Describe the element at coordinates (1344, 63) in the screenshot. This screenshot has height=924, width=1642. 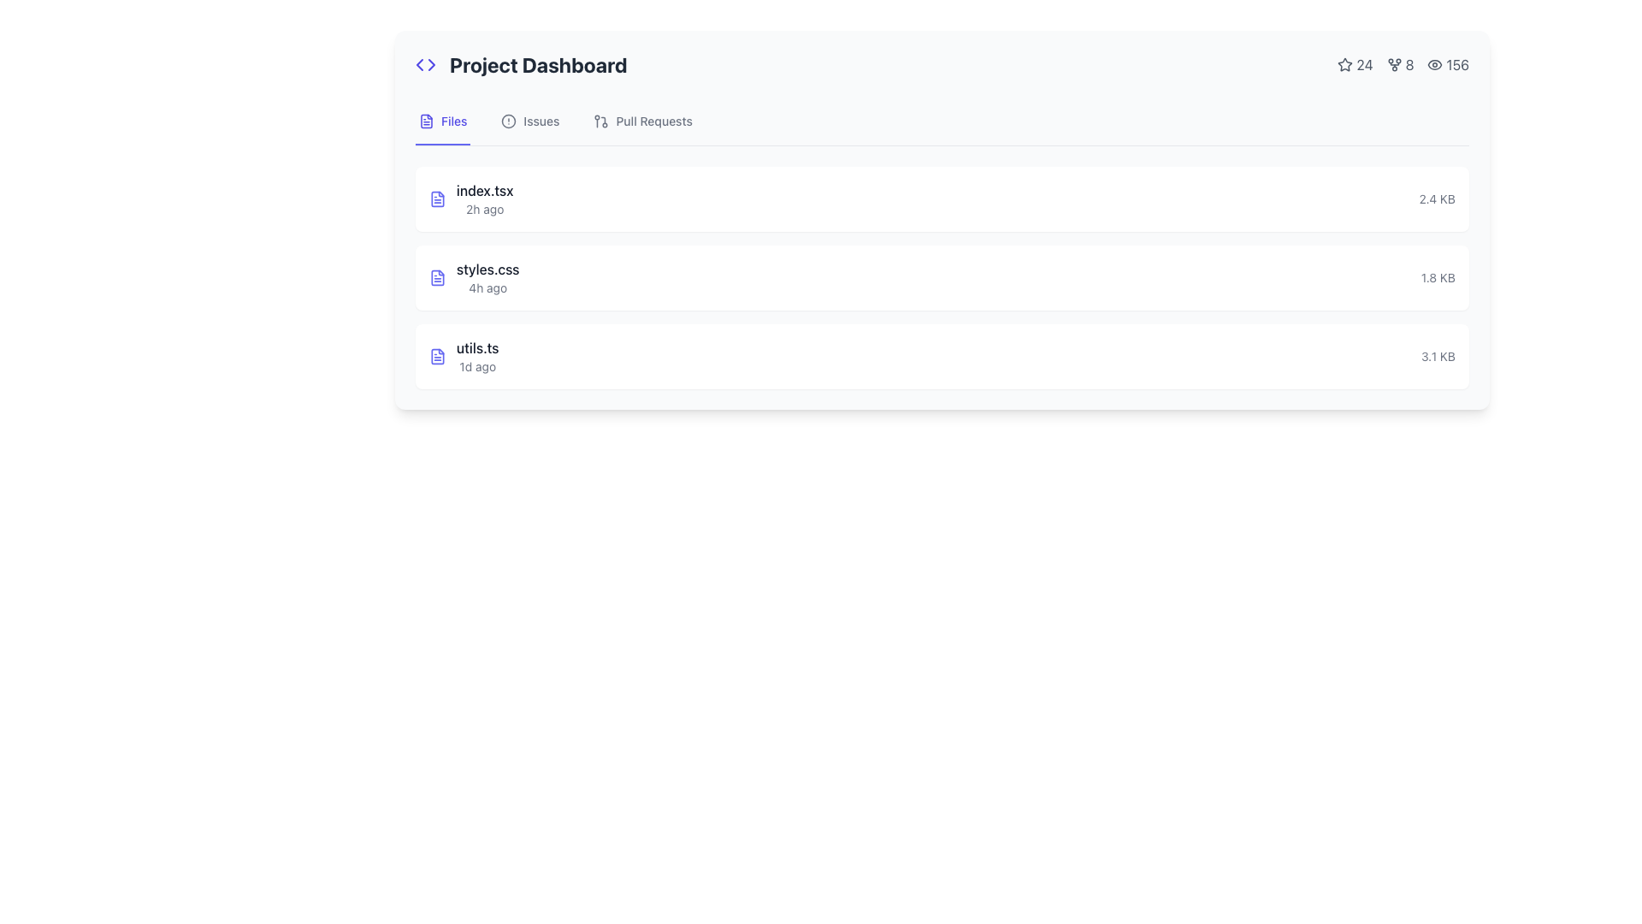
I see `the star icon located in the top-right corner of the interface to interact with it` at that location.